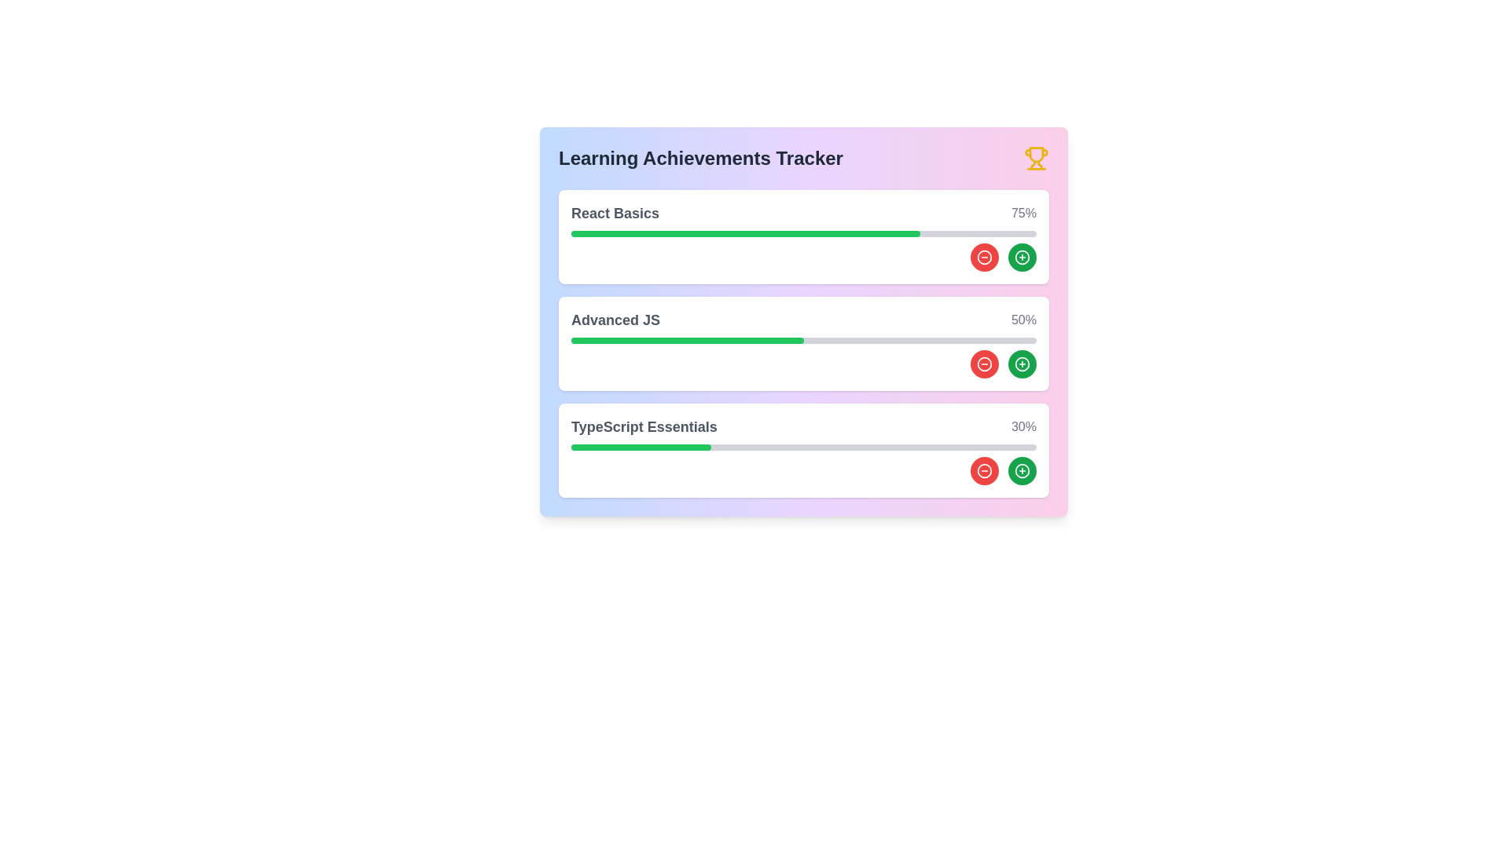  I want to click on the leftmost red circular icon in the bottom row that represents a 'remove' or 'delete' action, so click(983, 470).